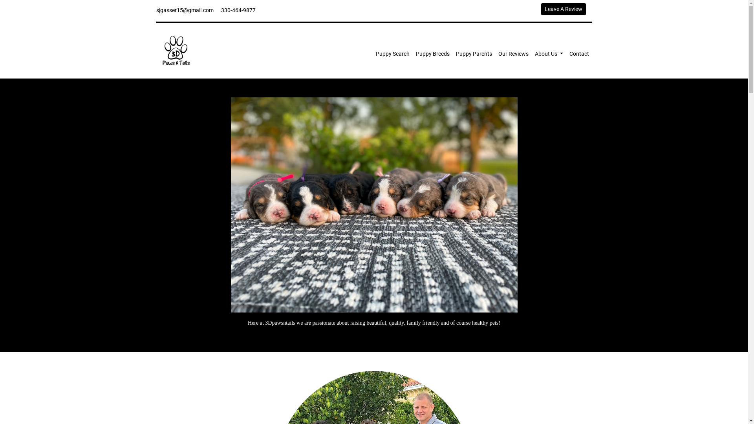  I want to click on 'Our Reviews', so click(513, 53).